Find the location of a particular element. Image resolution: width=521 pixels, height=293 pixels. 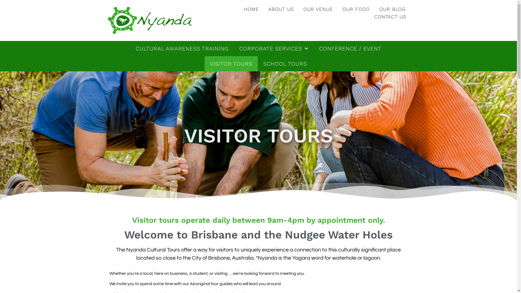

'ABOUT US' is located at coordinates (281, 9).